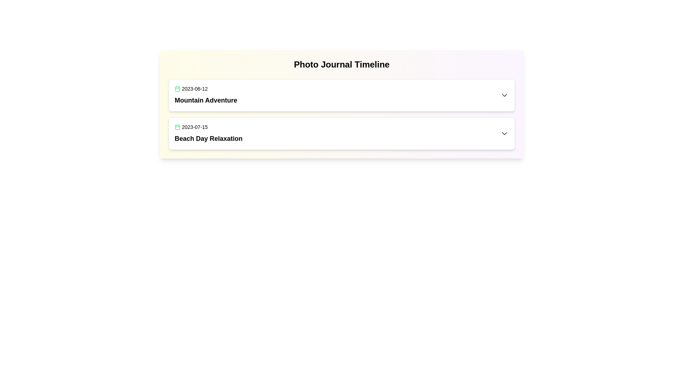 Image resolution: width=693 pixels, height=390 pixels. What do you see at coordinates (208, 134) in the screenshot?
I see `the Text label displaying the date '2023-07-15' and the title 'Beach Day Relaxation', which is the second entry in the 'Photo Journal Timeline' interface` at bounding box center [208, 134].